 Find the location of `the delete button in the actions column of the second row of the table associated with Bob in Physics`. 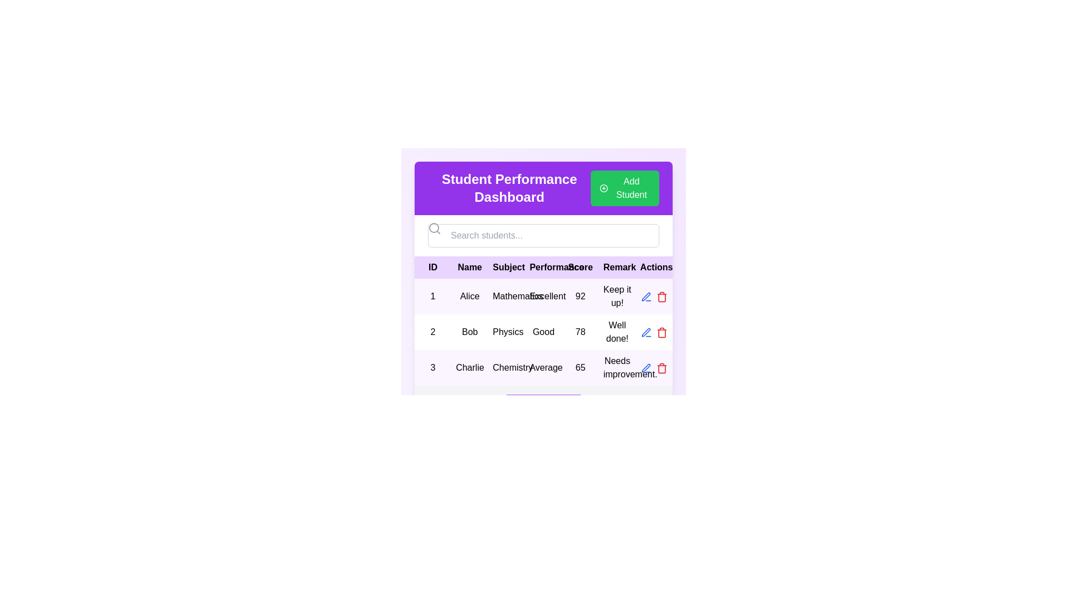

the delete button in the actions column of the second row of the table associated with Bob in Physics is located at coordinates (654, 296).